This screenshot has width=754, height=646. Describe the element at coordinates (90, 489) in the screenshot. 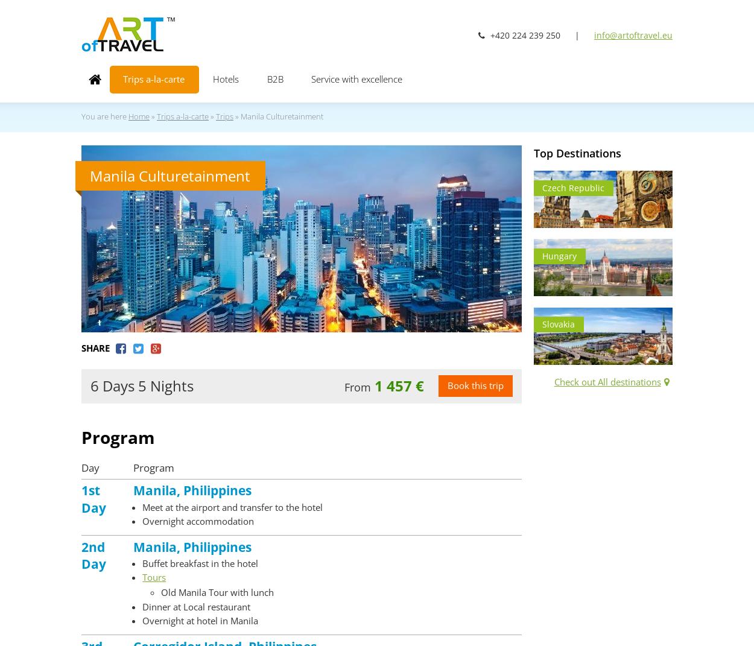

I see `'1st'` at that location.